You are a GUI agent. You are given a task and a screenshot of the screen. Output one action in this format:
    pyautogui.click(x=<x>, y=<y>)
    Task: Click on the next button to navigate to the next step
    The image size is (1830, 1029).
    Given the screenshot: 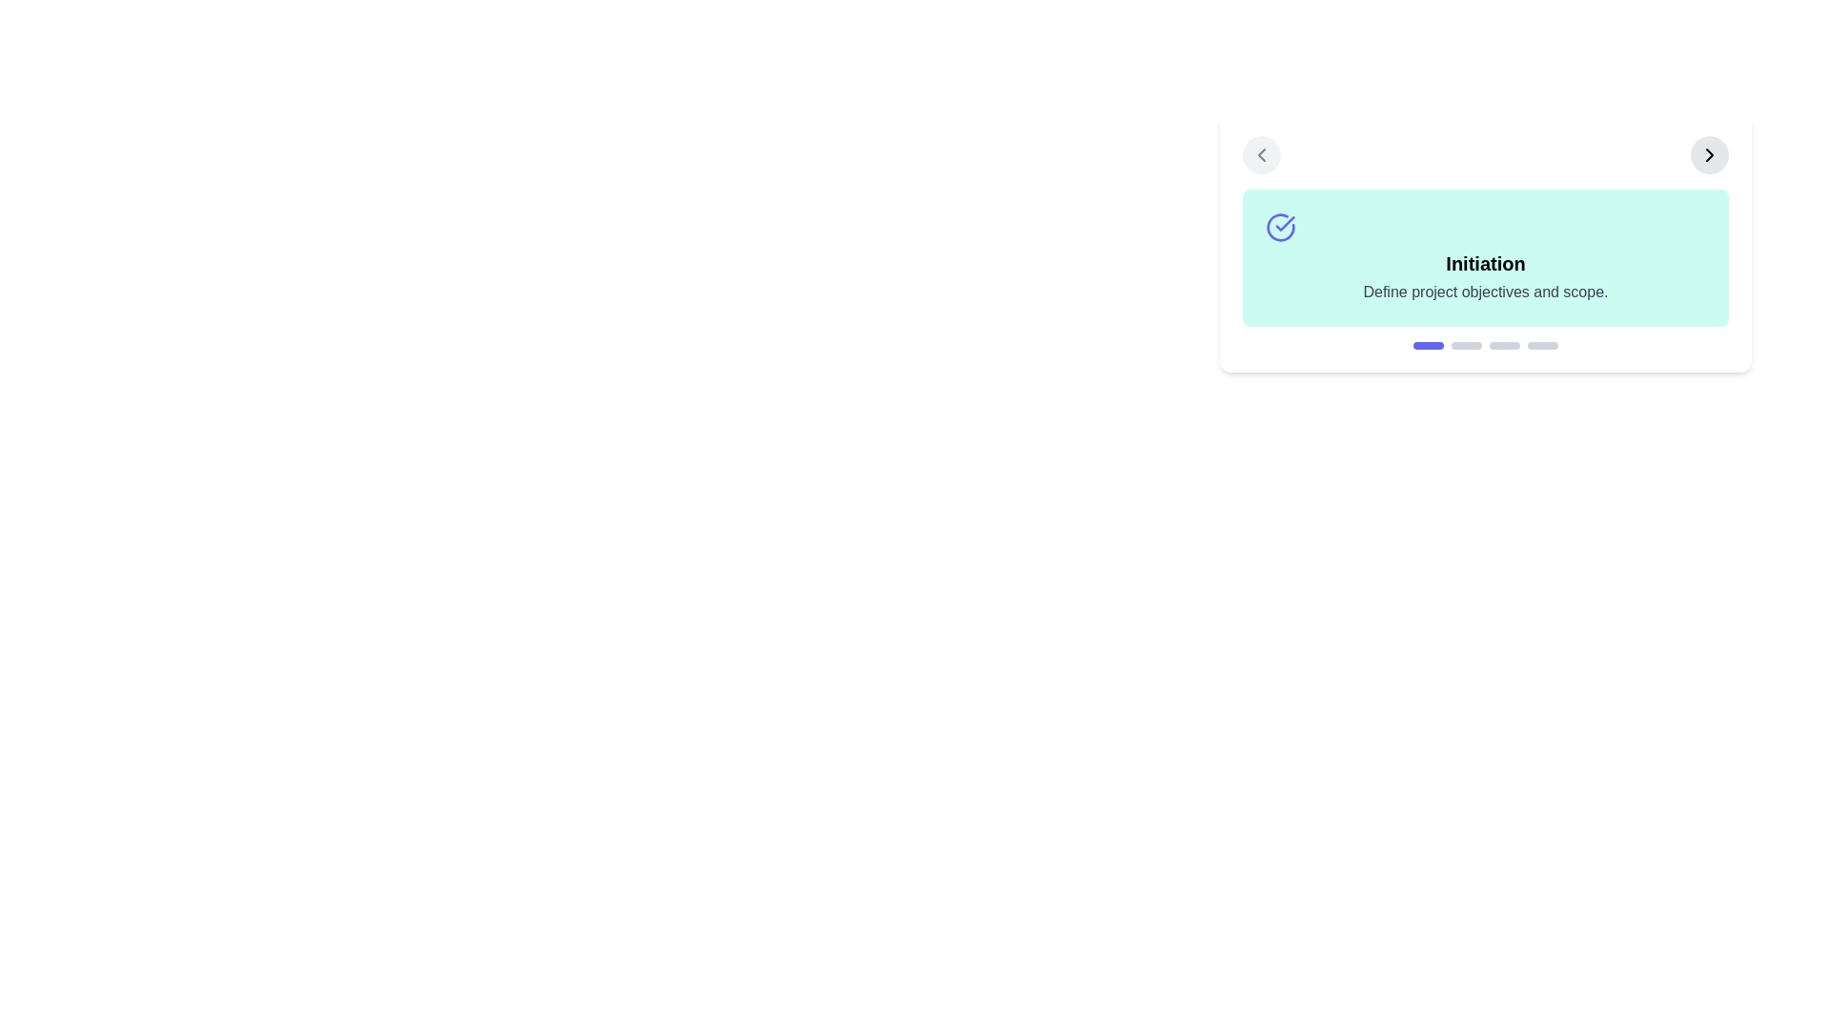 What is the action you would take?
    pyautogui.click(x=1710, y=153)
    